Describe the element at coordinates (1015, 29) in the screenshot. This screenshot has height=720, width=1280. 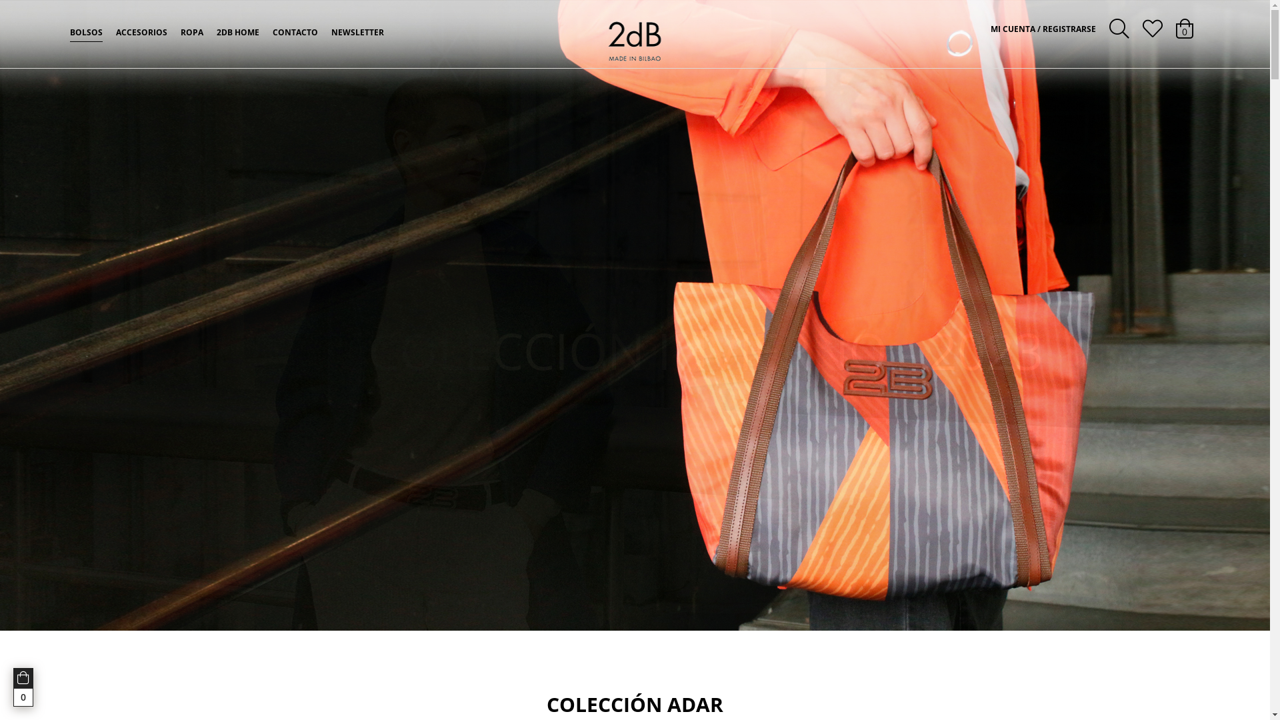
I see `'MI CUENTA'` at that location.